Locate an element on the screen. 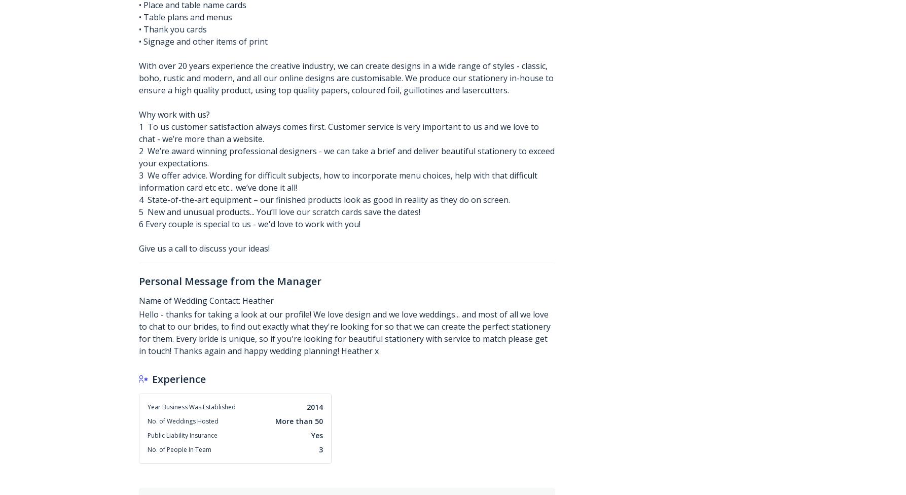  'Year Business Was Established' is located at coordinates (191, 406).